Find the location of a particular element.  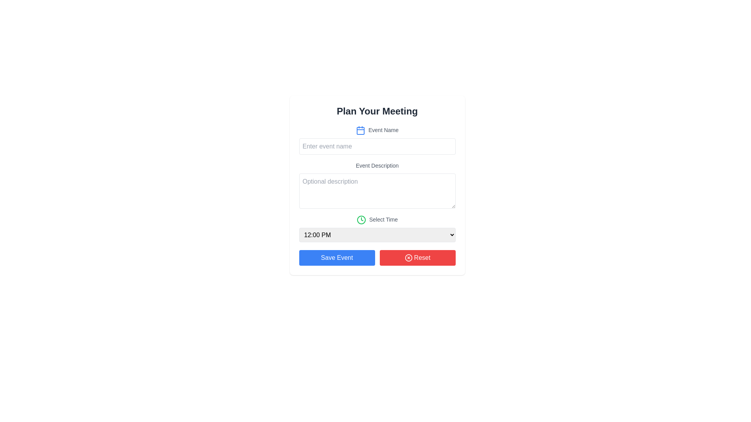

the time selection dropdown menu, which has a light gray background and shows '12:00 PM' by default is located at coordinates (377, 234).